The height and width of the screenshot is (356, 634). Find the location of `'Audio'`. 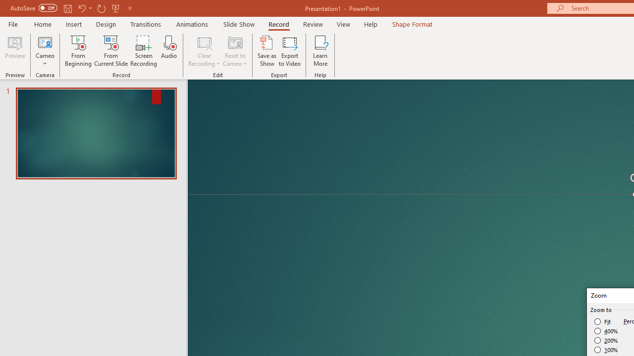

'Audio' is located at coordinates (169, 51).